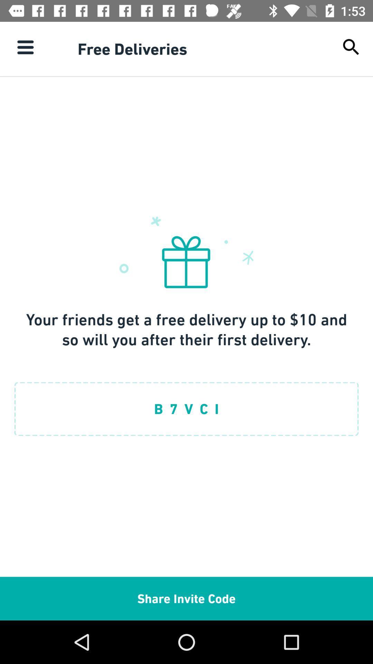 Image resolution: width=373 pixels, height=664 pixels. Describe the element at coordinates (25, 47) in the screenshot. I see `the item next to the free deliveries icon` at that location.